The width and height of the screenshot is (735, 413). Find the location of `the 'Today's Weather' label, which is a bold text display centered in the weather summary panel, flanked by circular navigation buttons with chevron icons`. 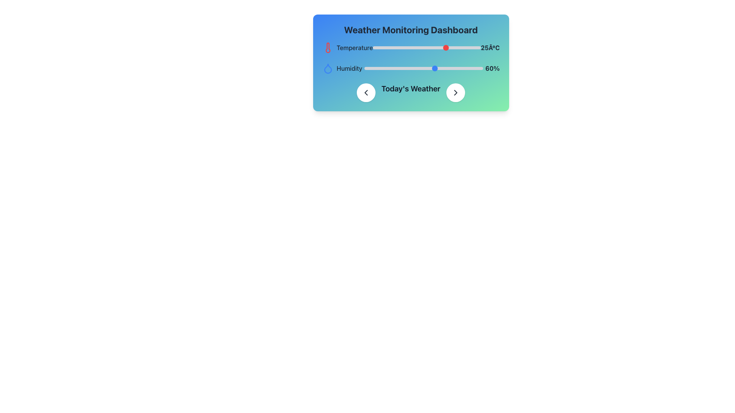

the 'Today's Weather' label, which is a bold text display centered in the weather summary panel, flanked by circular navigation buttons with chevron icons is located at coordinates (410, 92).